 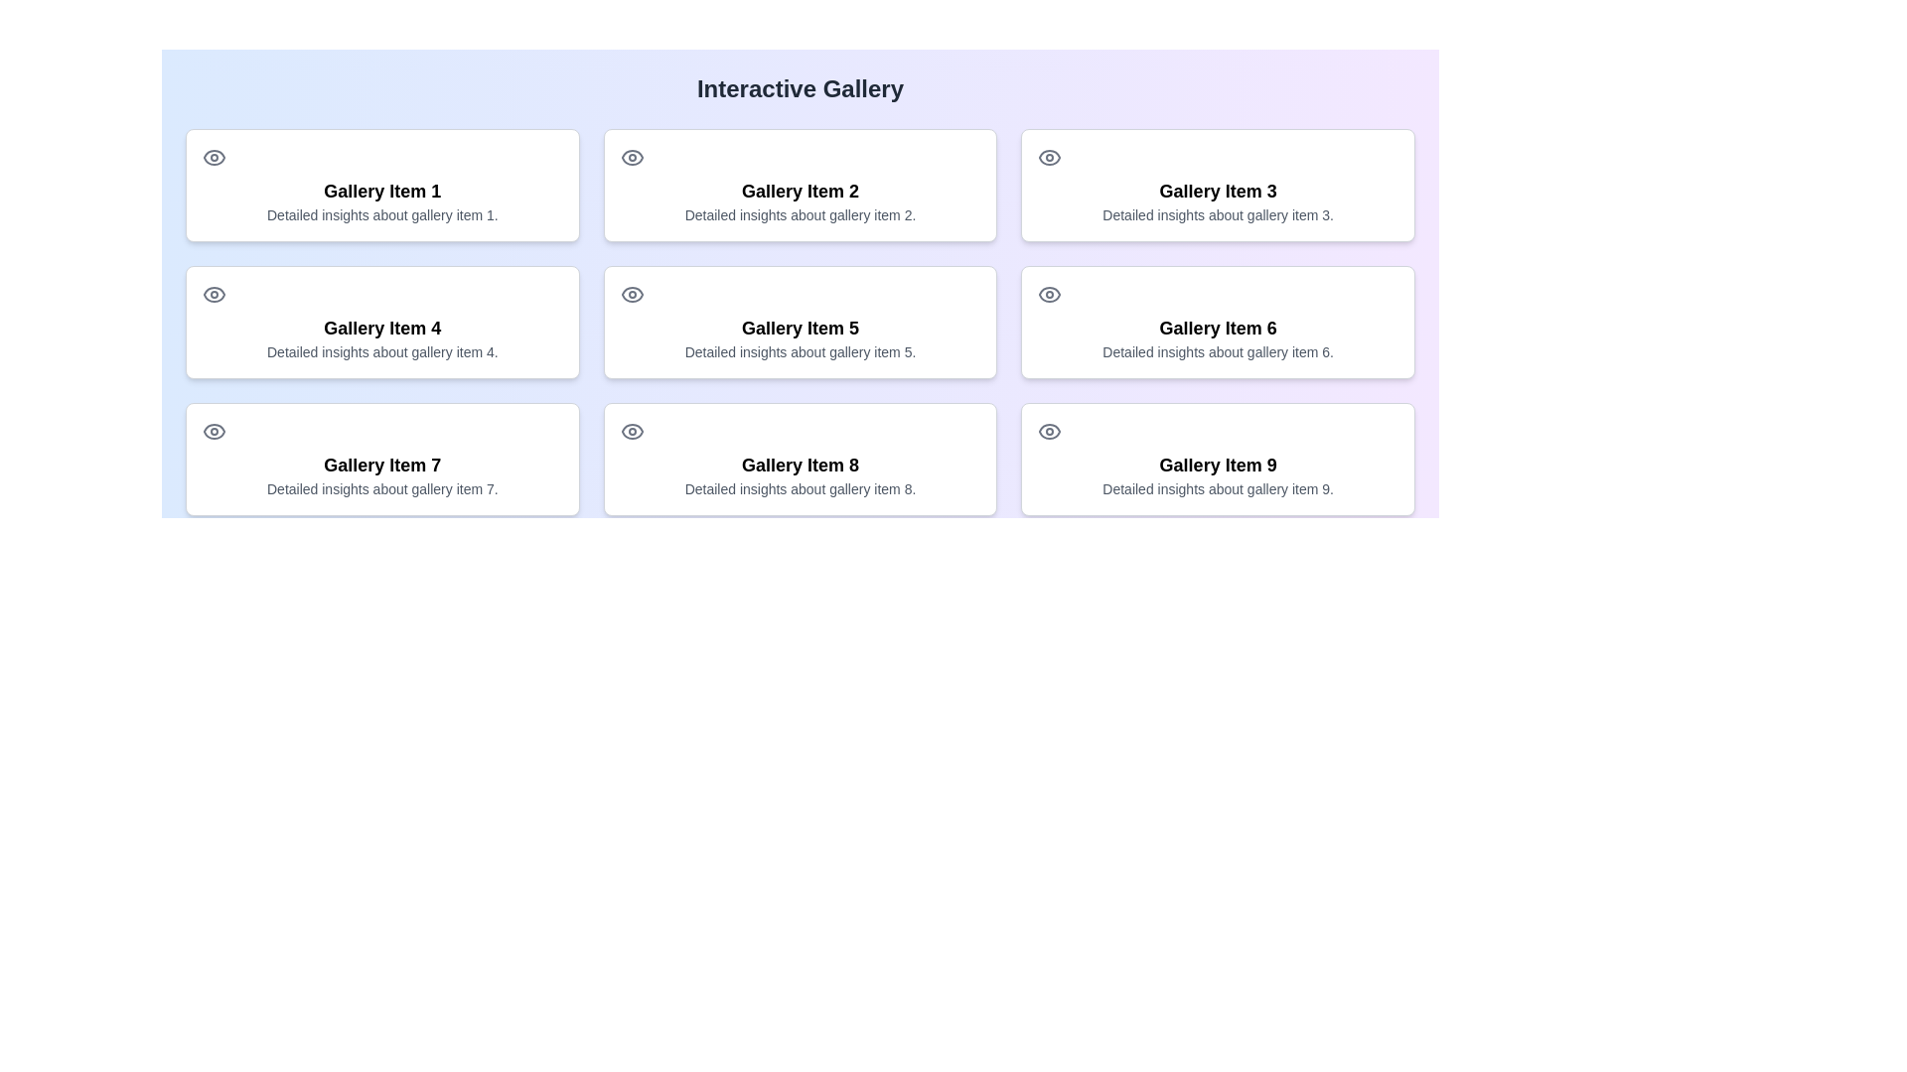 What do you see at coordinates (382, 321) in the screenshot?
I see `to select or activate the function of the Informative Card for 'Gallery Item 4', located in the first column of the second row of the grid` at bounding box center [382, 321].